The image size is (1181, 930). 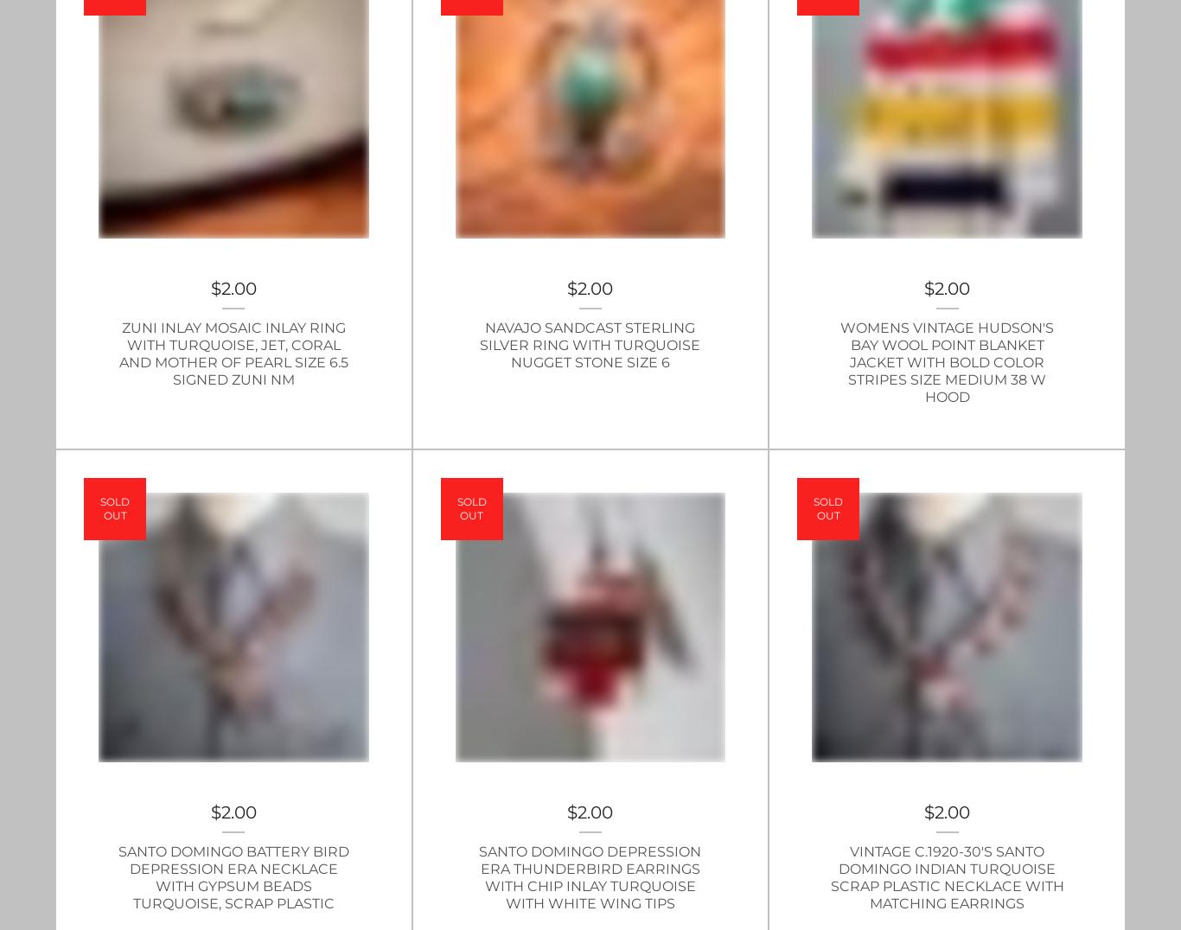 I want to click on 'Vintage c.1920-30's Santo Domingo Indian turquoise scrap plastic necklace with matching earrings', so click(x=945, y=876).